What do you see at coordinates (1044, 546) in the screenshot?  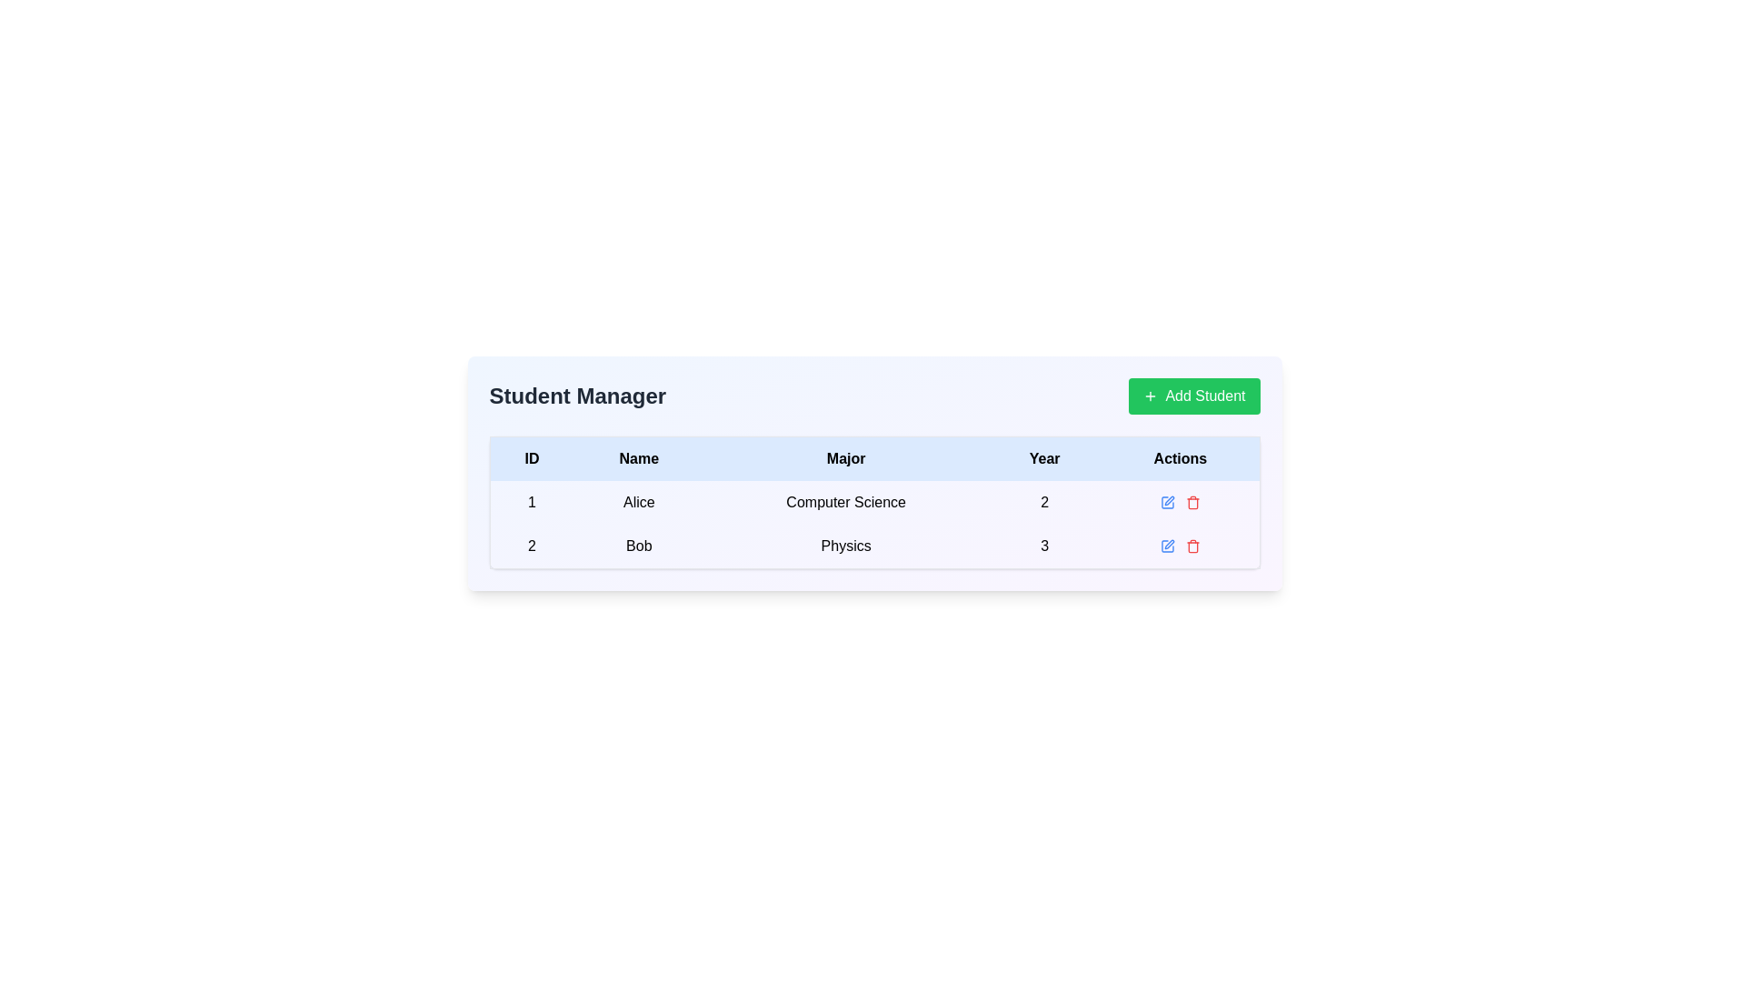 I see `the static text element displaying the number '3', which is located in the fourth column of the second row of a table, styled with a bold black font on a light background` at bounding box center [1044, 546].